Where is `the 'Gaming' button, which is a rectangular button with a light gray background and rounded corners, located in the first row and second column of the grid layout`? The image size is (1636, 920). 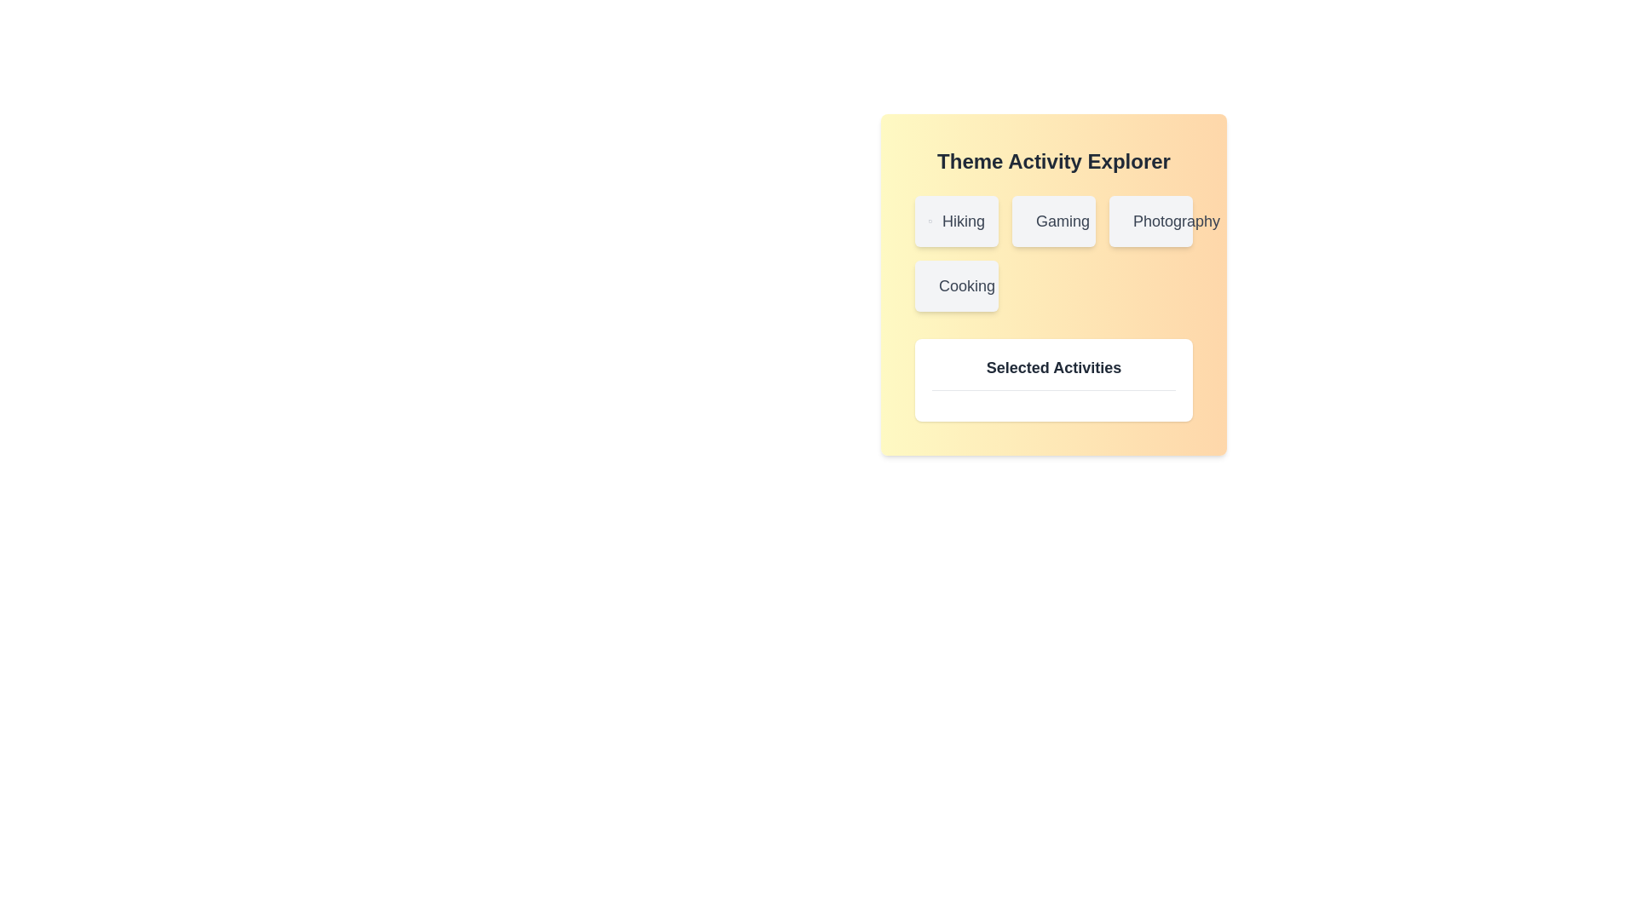 the 'Gaming' button, which is a rectangular button with a light gray background and rounded corners, located in the first row and second column of the grid layout is located at coordinates (1053, 220).